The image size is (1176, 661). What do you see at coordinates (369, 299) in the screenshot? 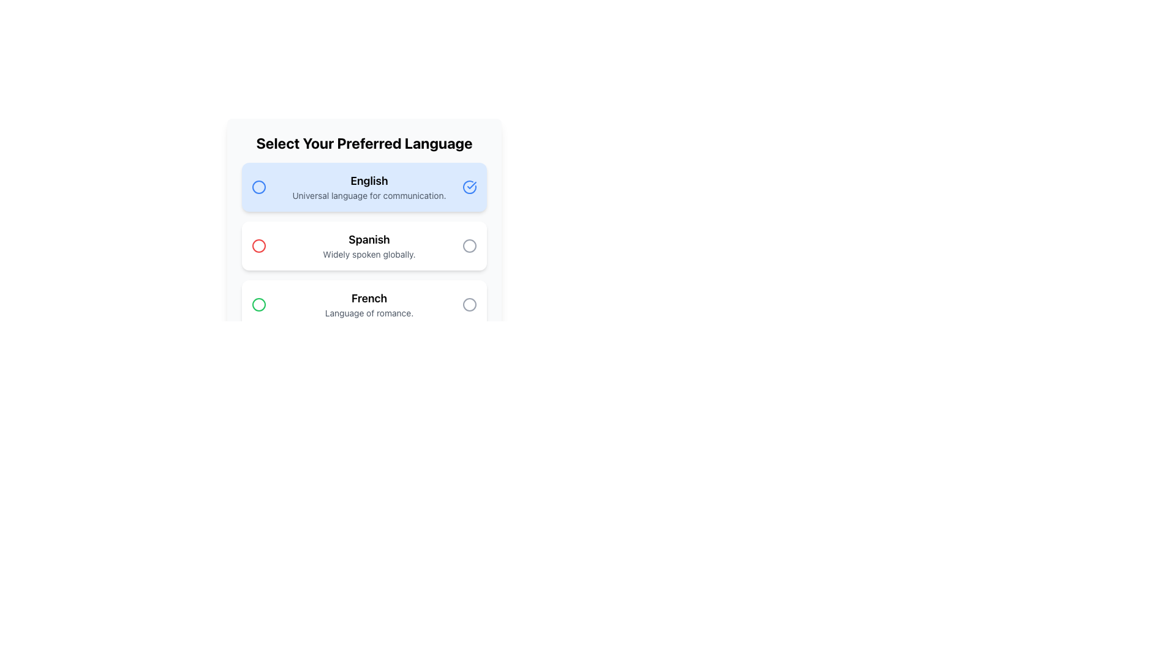
I see `the text label displaying 'French', which is prominently styled as a header in the 'Select Your Preferred Language' section` at bounding box center [369, 299].